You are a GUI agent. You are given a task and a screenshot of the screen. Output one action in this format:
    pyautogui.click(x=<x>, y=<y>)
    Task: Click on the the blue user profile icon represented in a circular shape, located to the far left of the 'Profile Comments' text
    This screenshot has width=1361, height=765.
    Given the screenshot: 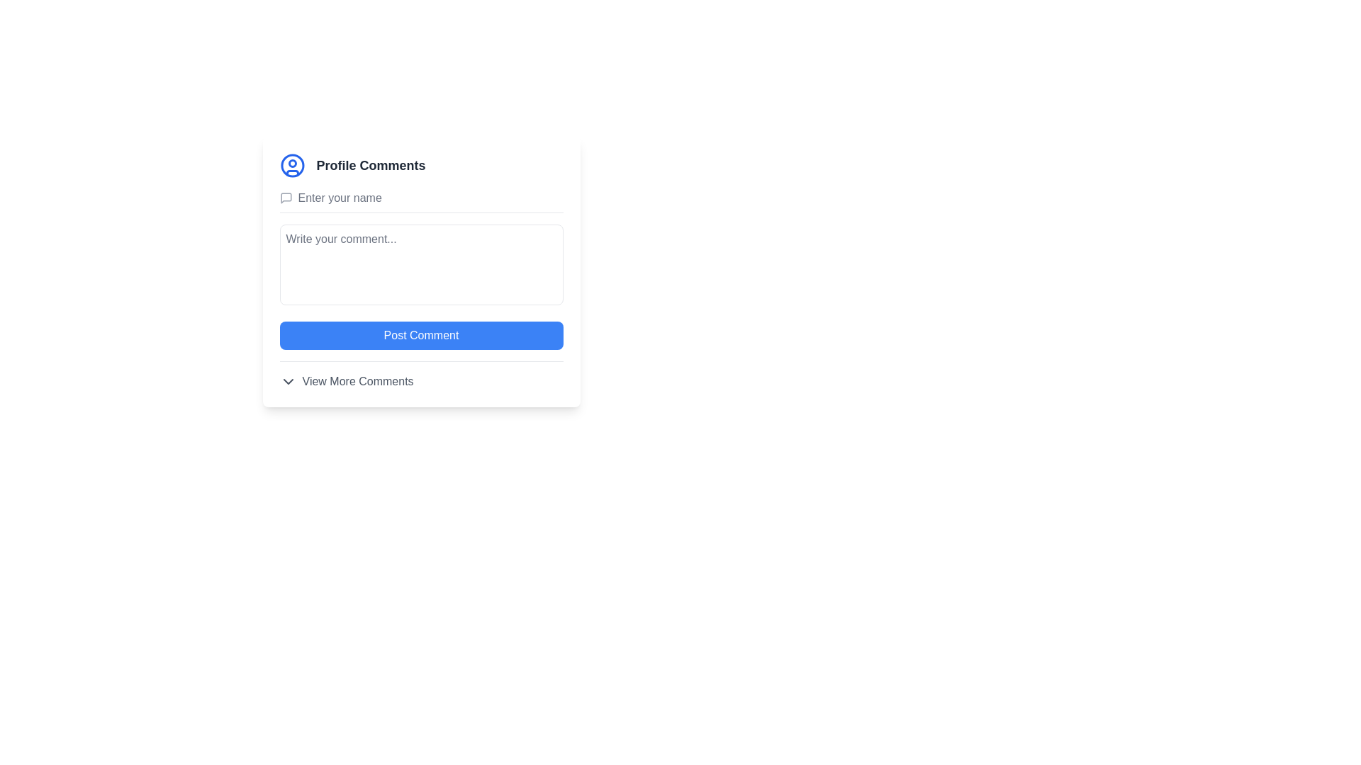 What is the action you would take?
    pyautogui.click(x=291, y=165)
    